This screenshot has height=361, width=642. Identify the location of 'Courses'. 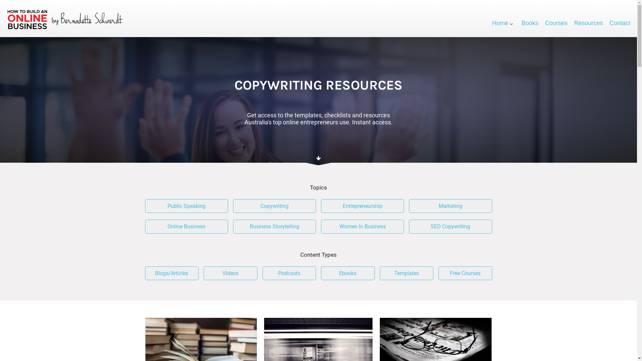
(556, 23).